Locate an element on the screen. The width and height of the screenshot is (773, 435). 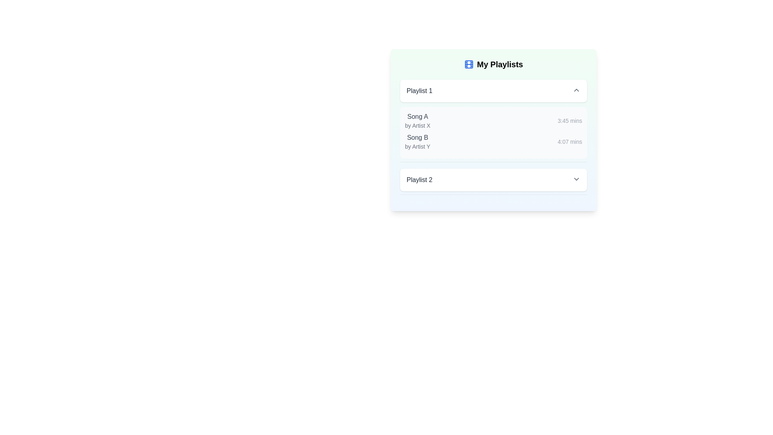
the first list item is located at coordinates (493, 121).